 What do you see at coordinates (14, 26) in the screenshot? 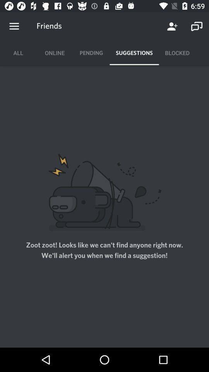
I see `the icon above all item` at bounding box center [14, 26].